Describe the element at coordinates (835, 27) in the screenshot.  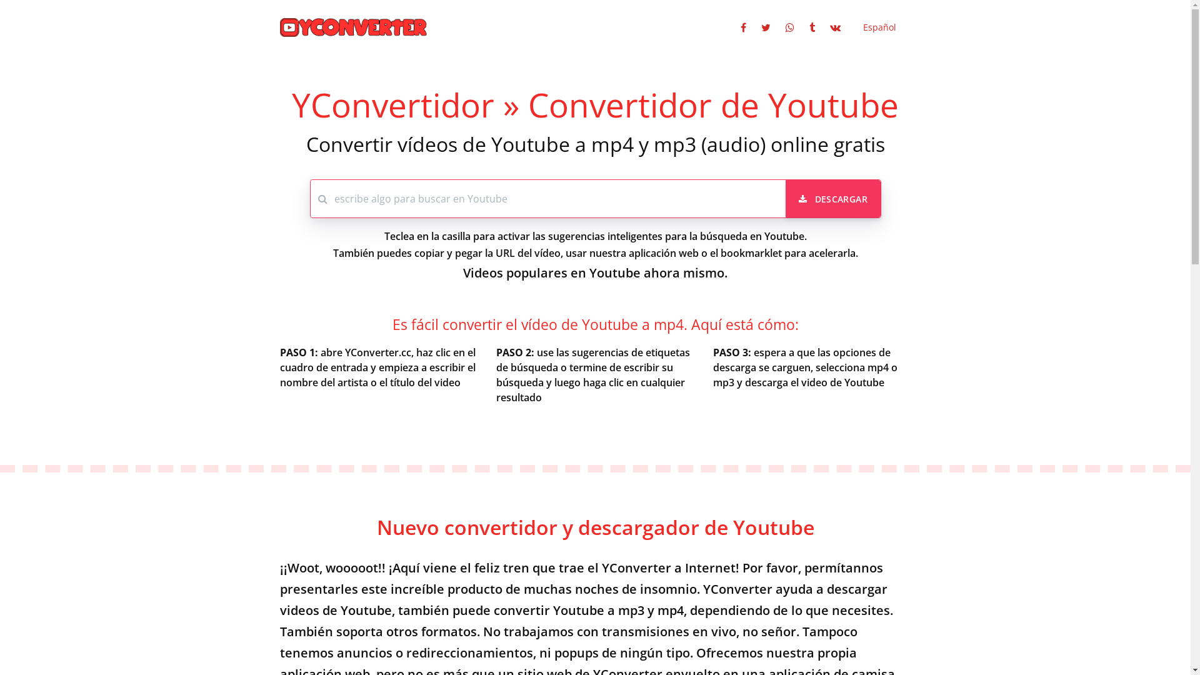
I see `'Compartir en VK'` at that location.